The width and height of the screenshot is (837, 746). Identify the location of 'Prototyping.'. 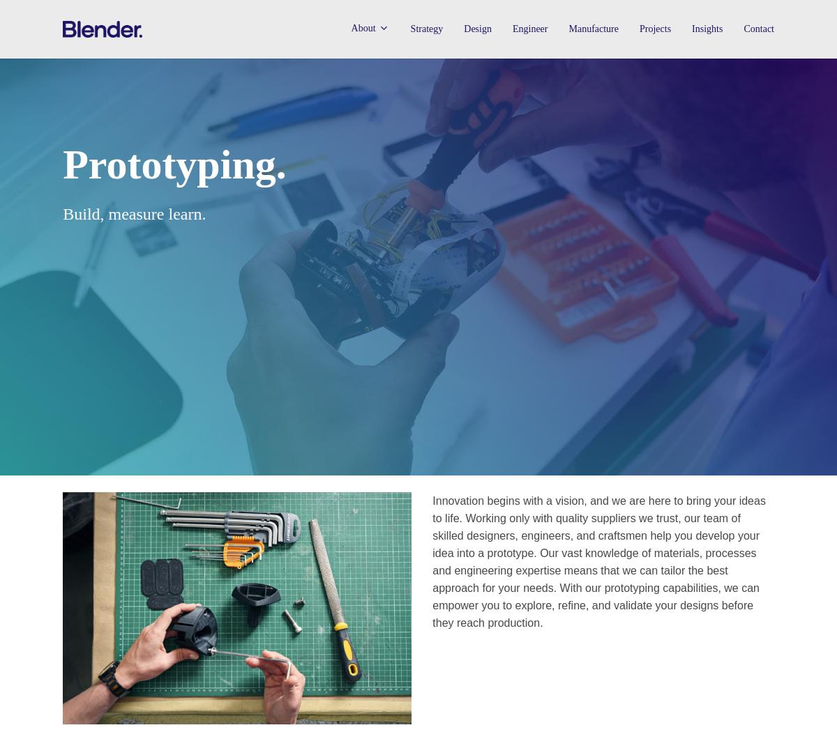
(173, 164).